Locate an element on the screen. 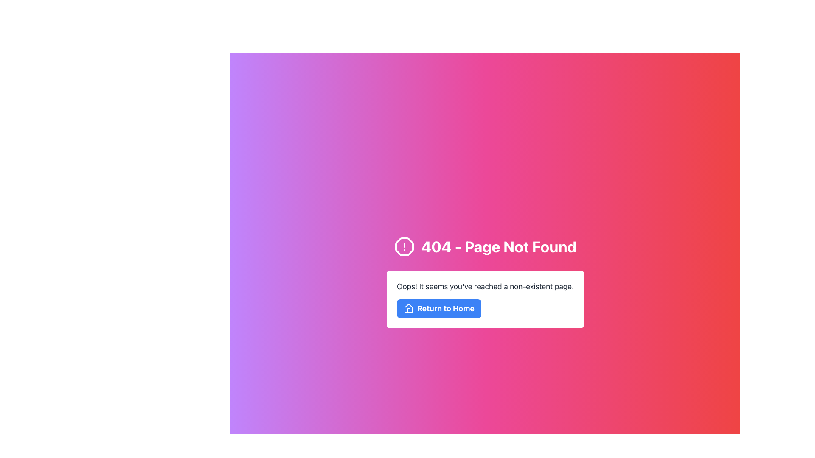 This screenshot has width=815, height=458. the 'home' icon SVG graphic located to the left of the 'Return to Home' text is located at coordinates (409, 308).